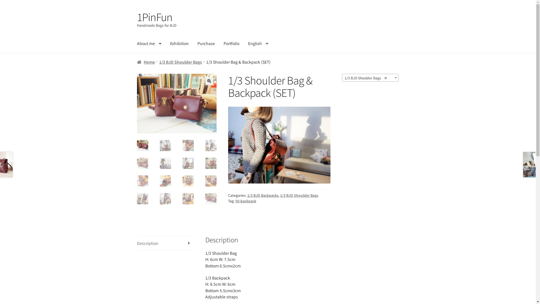  Describe the element at coordinates (262, 195) in the screenshot. I see `'1/3 BJD Backpacks'` at that location.